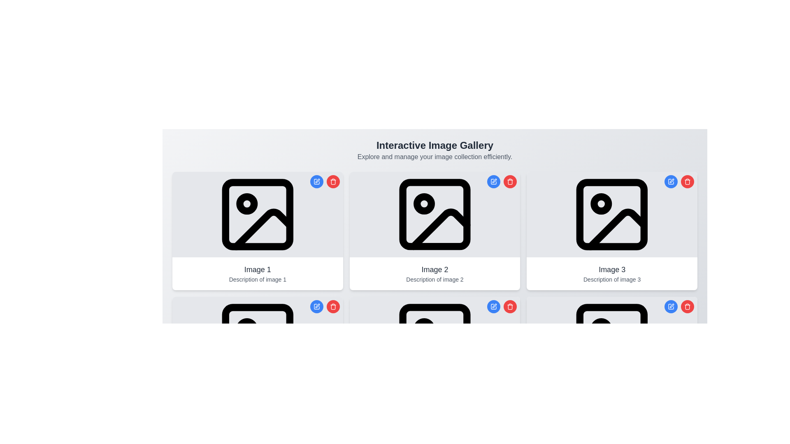 The height and width of the screenshot is (444, 790). I want to click on the edit button located in the top-right corner of the 'Image 1' card to initiate an edit action, so click(316, 181).